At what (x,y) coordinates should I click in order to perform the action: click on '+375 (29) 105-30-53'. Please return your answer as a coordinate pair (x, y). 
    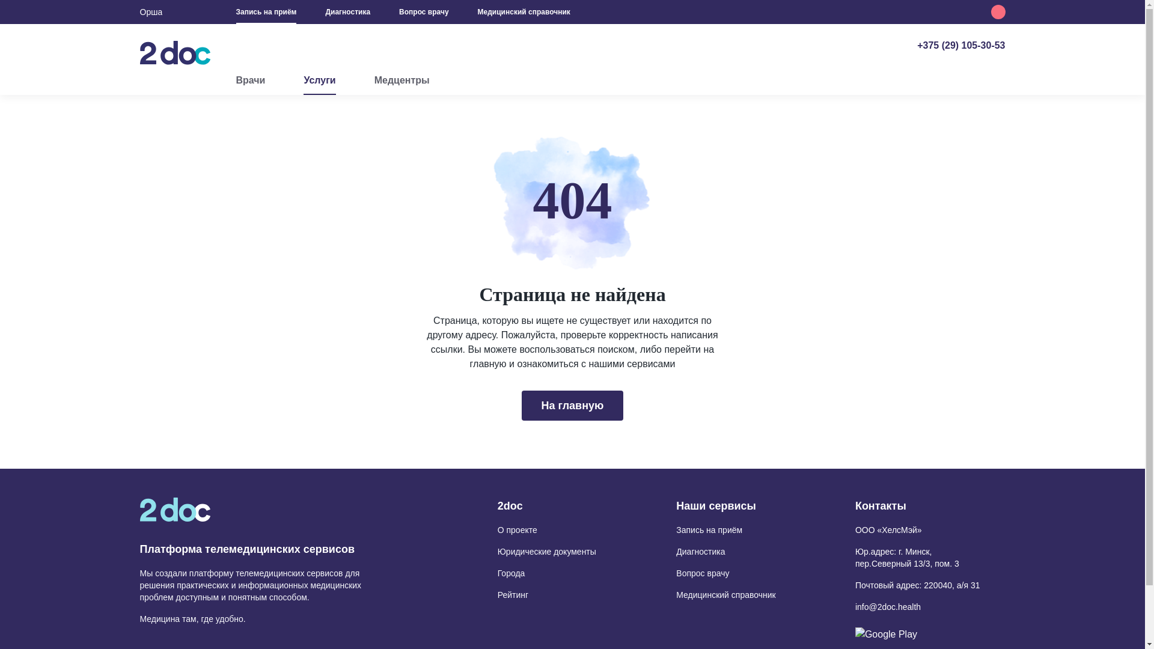
    Looking at the image, I should click on (917, 44).